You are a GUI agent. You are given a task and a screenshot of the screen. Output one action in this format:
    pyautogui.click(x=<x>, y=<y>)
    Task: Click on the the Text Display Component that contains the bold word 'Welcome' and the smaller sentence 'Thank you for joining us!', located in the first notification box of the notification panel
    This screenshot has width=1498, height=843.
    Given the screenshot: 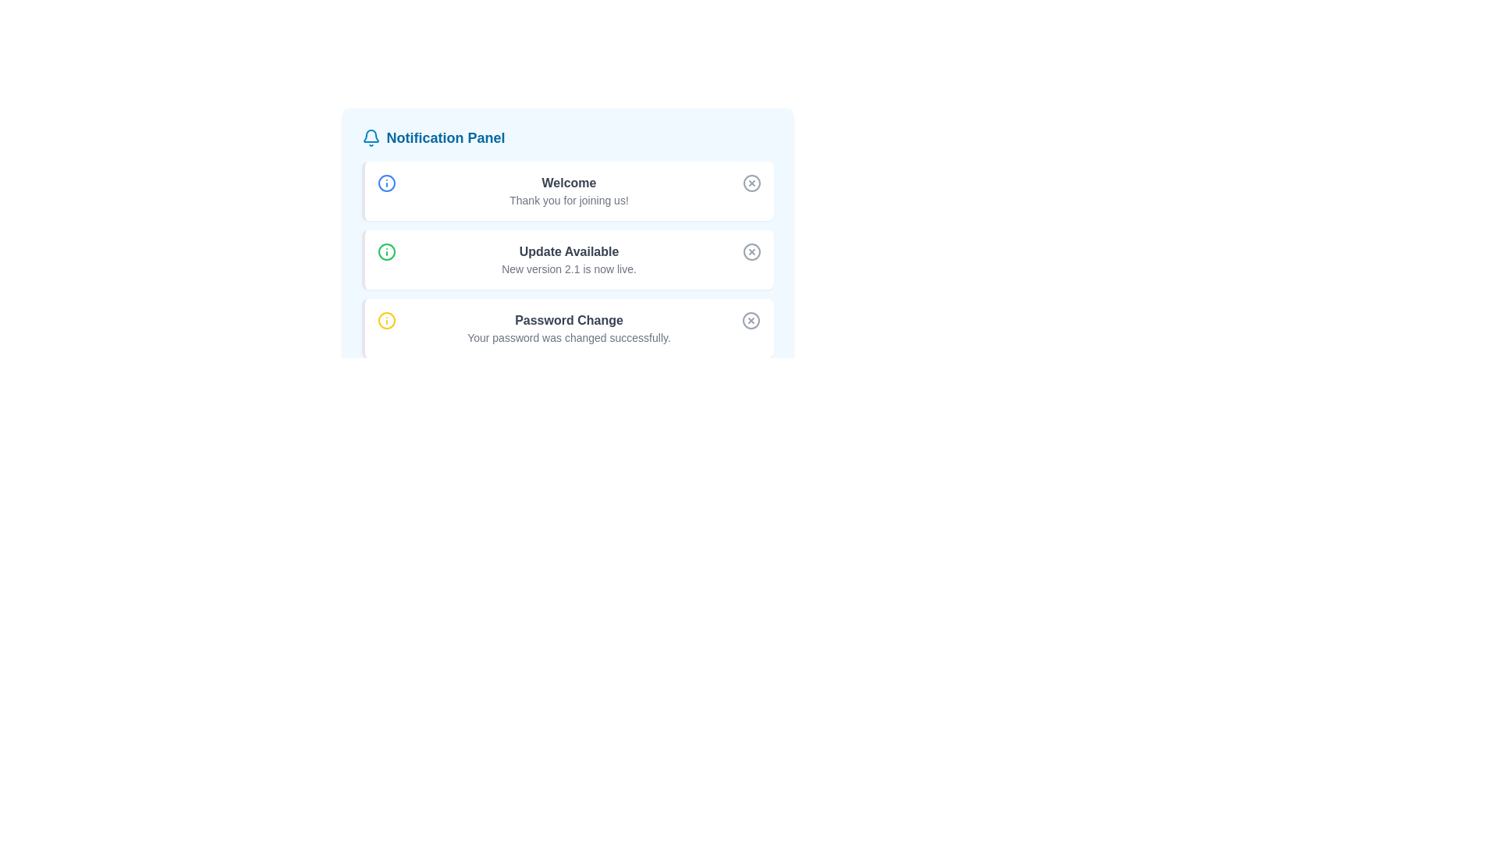 What is the action you would take?
    pyautogui.click(x=568, y=190)
    